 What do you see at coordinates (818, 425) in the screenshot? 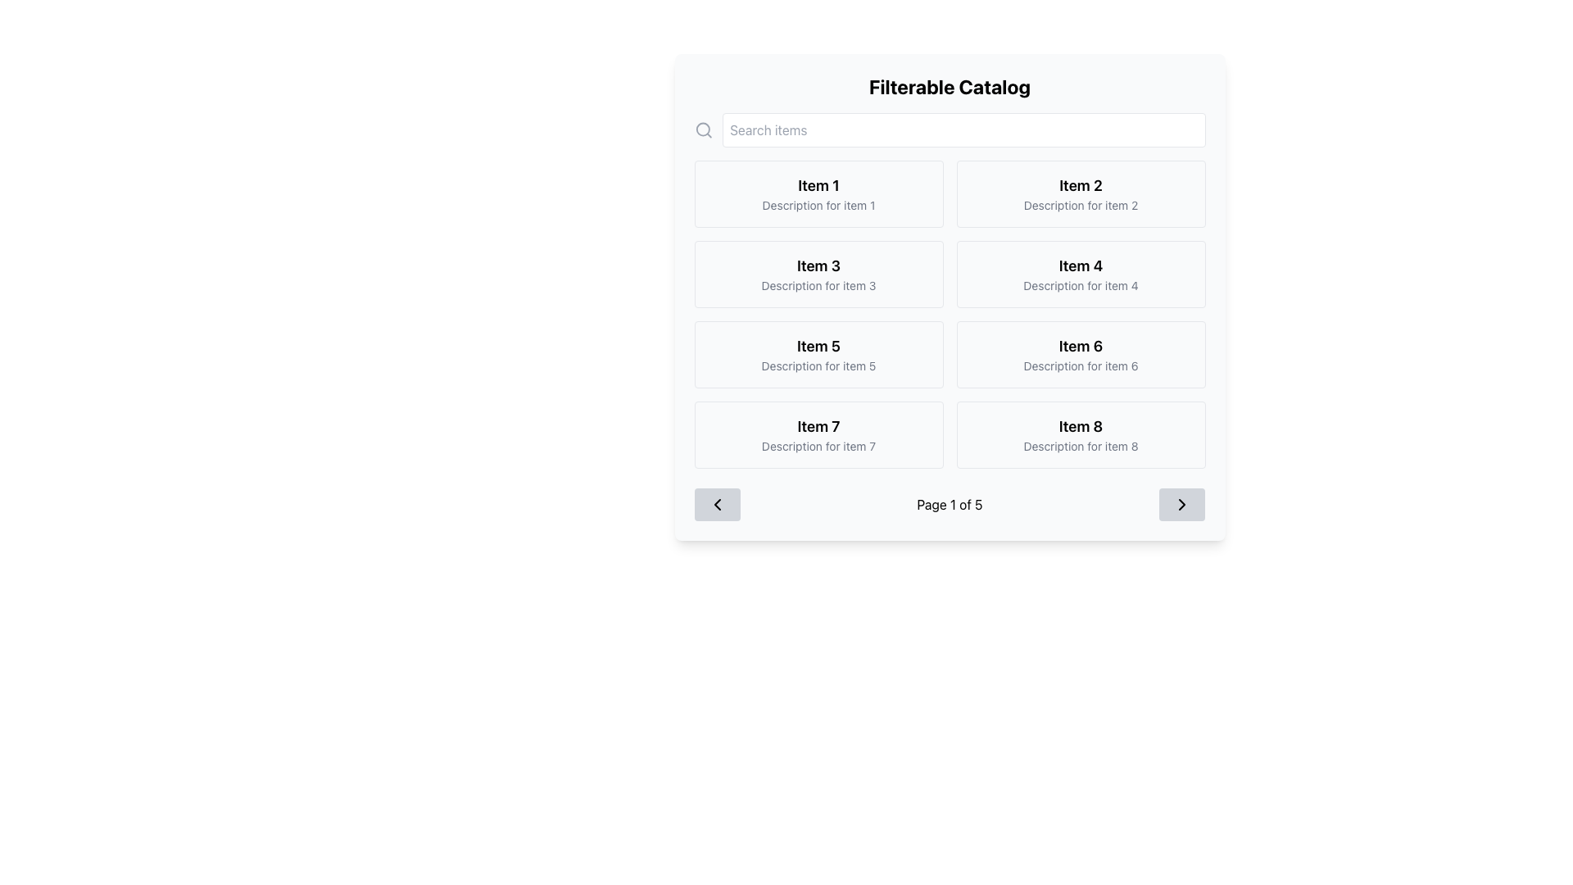
I see `text label displaying 'Item 7' which is styled in bold and larger font size, located in the left column of the fourth row in the grid card` at bounding box center [818, 425].